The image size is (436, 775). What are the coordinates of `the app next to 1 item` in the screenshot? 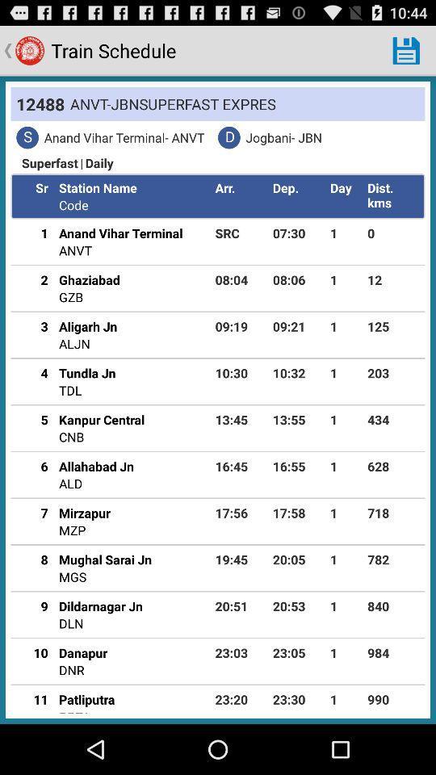 It's located at (392, 325).